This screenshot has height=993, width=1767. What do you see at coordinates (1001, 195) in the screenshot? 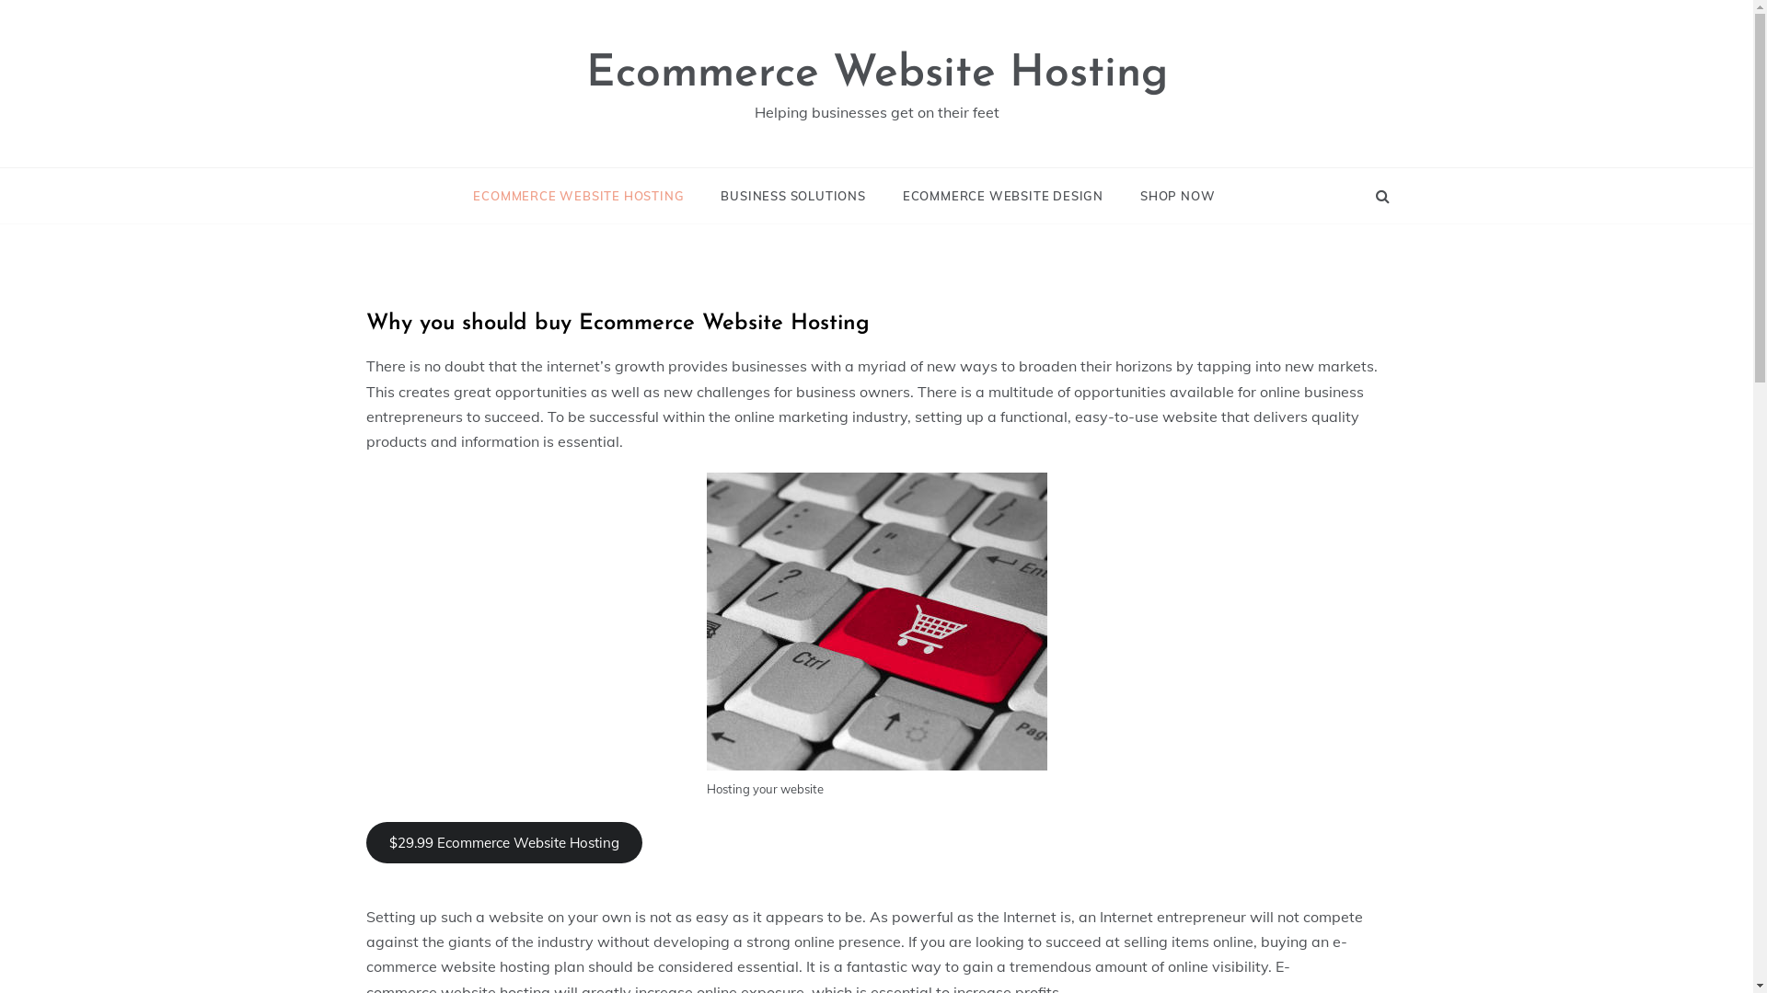
I see `'ECOMMERCE WEBSITE DESIGN'` at bounding box center [1001, 195].